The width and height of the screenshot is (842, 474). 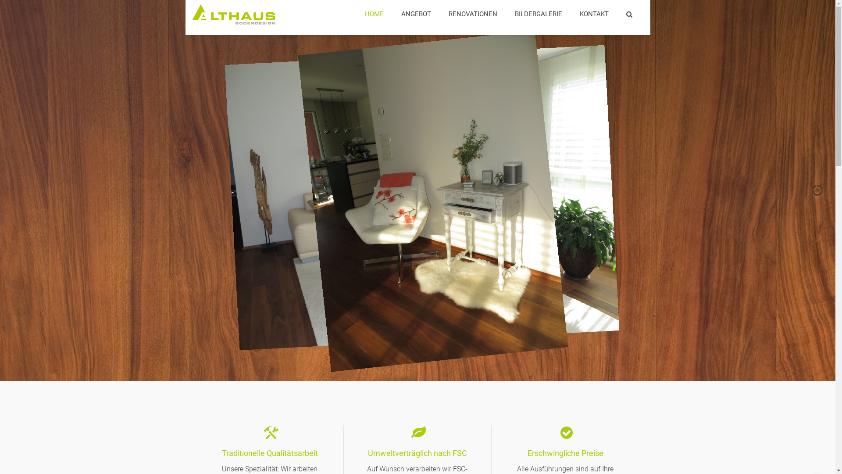 What do you see at coordinates (374, 14) in the screenshot?
I see `'HOME'` at bounding box center [374, 14].